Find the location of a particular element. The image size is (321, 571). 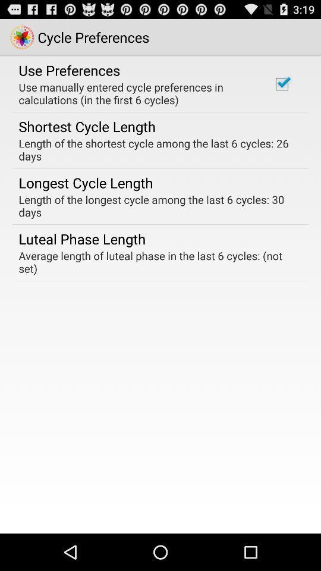

the icon at the top right corner is located at coordinates (281, 83).